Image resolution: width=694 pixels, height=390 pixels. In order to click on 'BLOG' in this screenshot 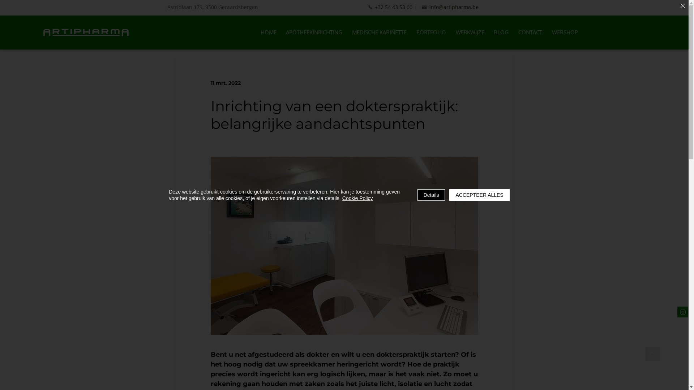, I will do `click(501, 32)`.